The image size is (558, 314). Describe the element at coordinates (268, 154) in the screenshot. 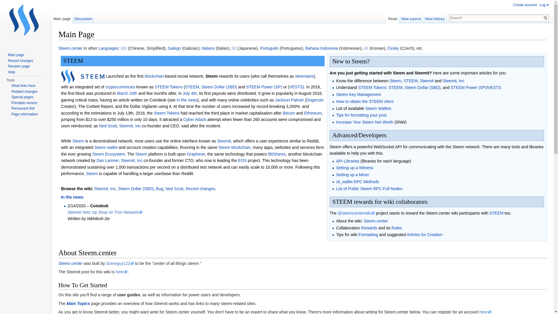

I see `'BitShares'` at that location.